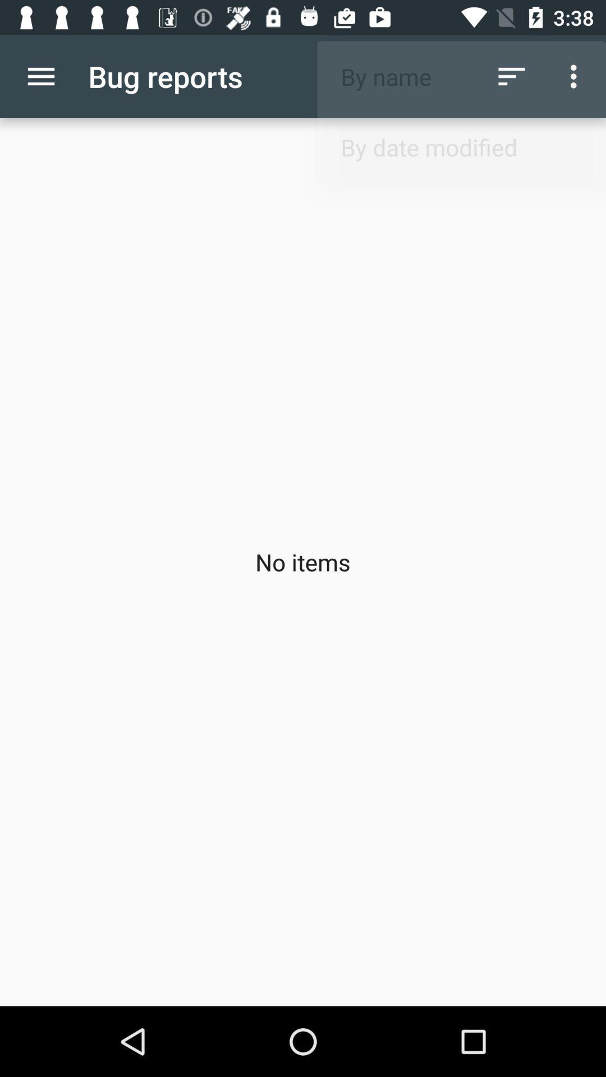 The image size is (606, 1077). Describe the element at coordinates (40, 76) in the screenshot. I see `app next to bug reports item` at that location.